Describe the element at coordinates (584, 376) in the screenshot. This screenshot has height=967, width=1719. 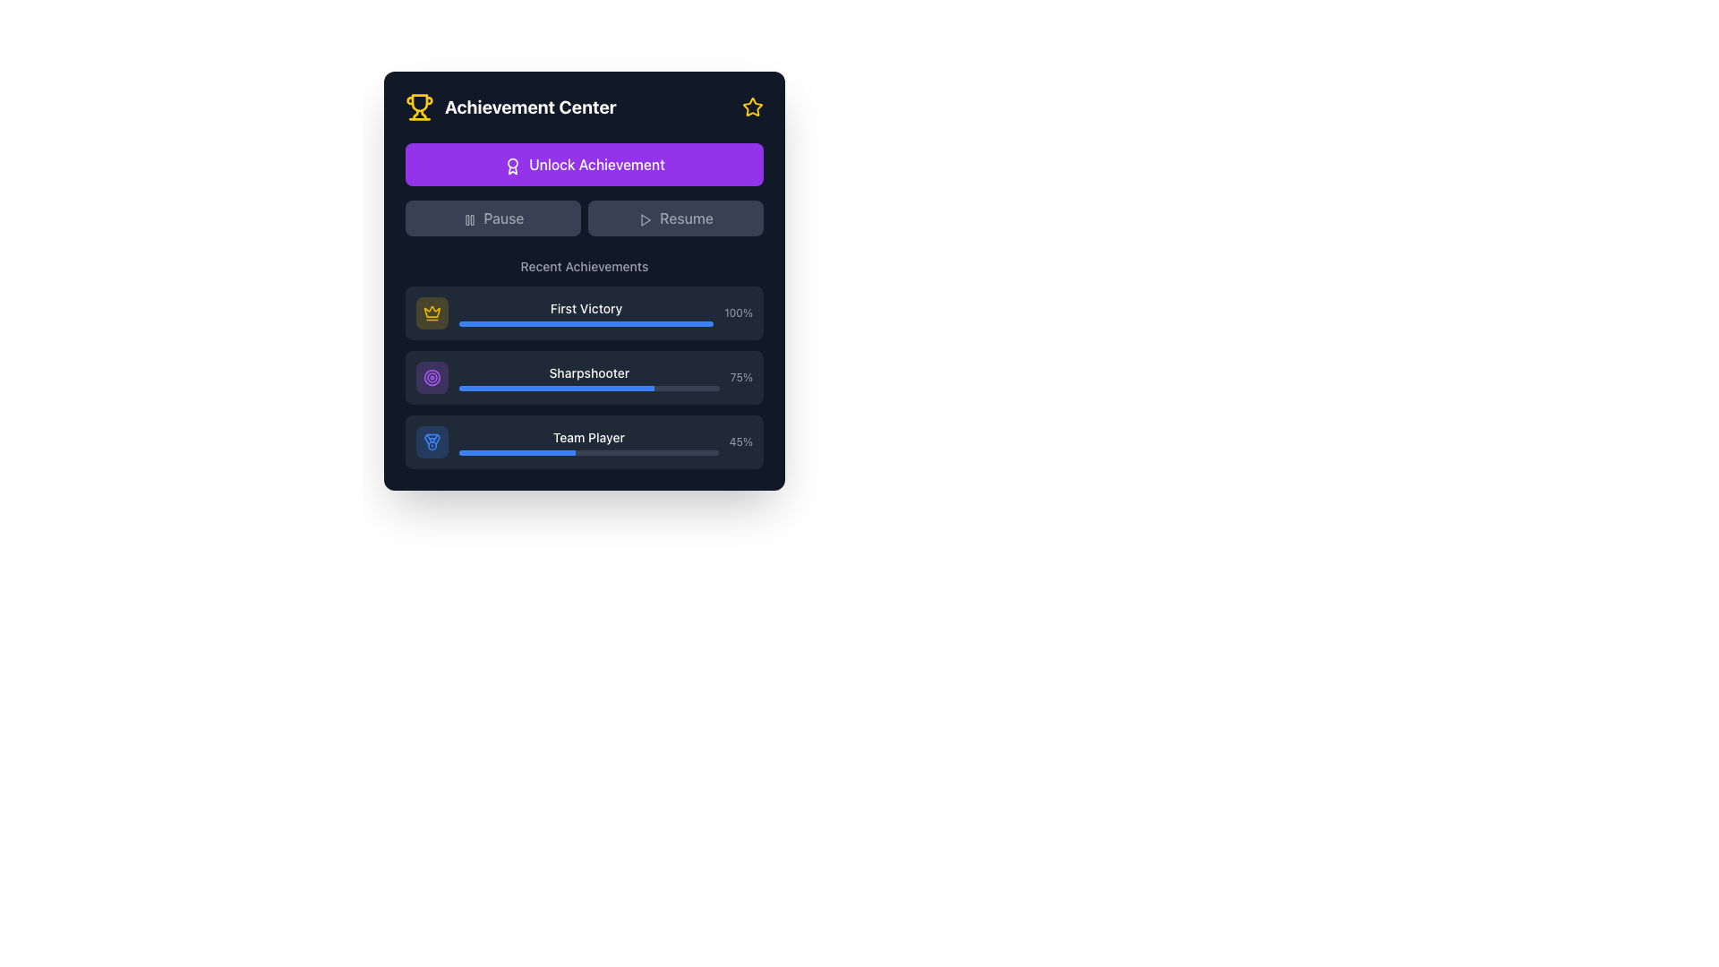
I see `the completion percentage of the 'Sharpshooter' achievement displayed in the Recent Achievements section, which shows '75%' in gray next to the title` at that location.